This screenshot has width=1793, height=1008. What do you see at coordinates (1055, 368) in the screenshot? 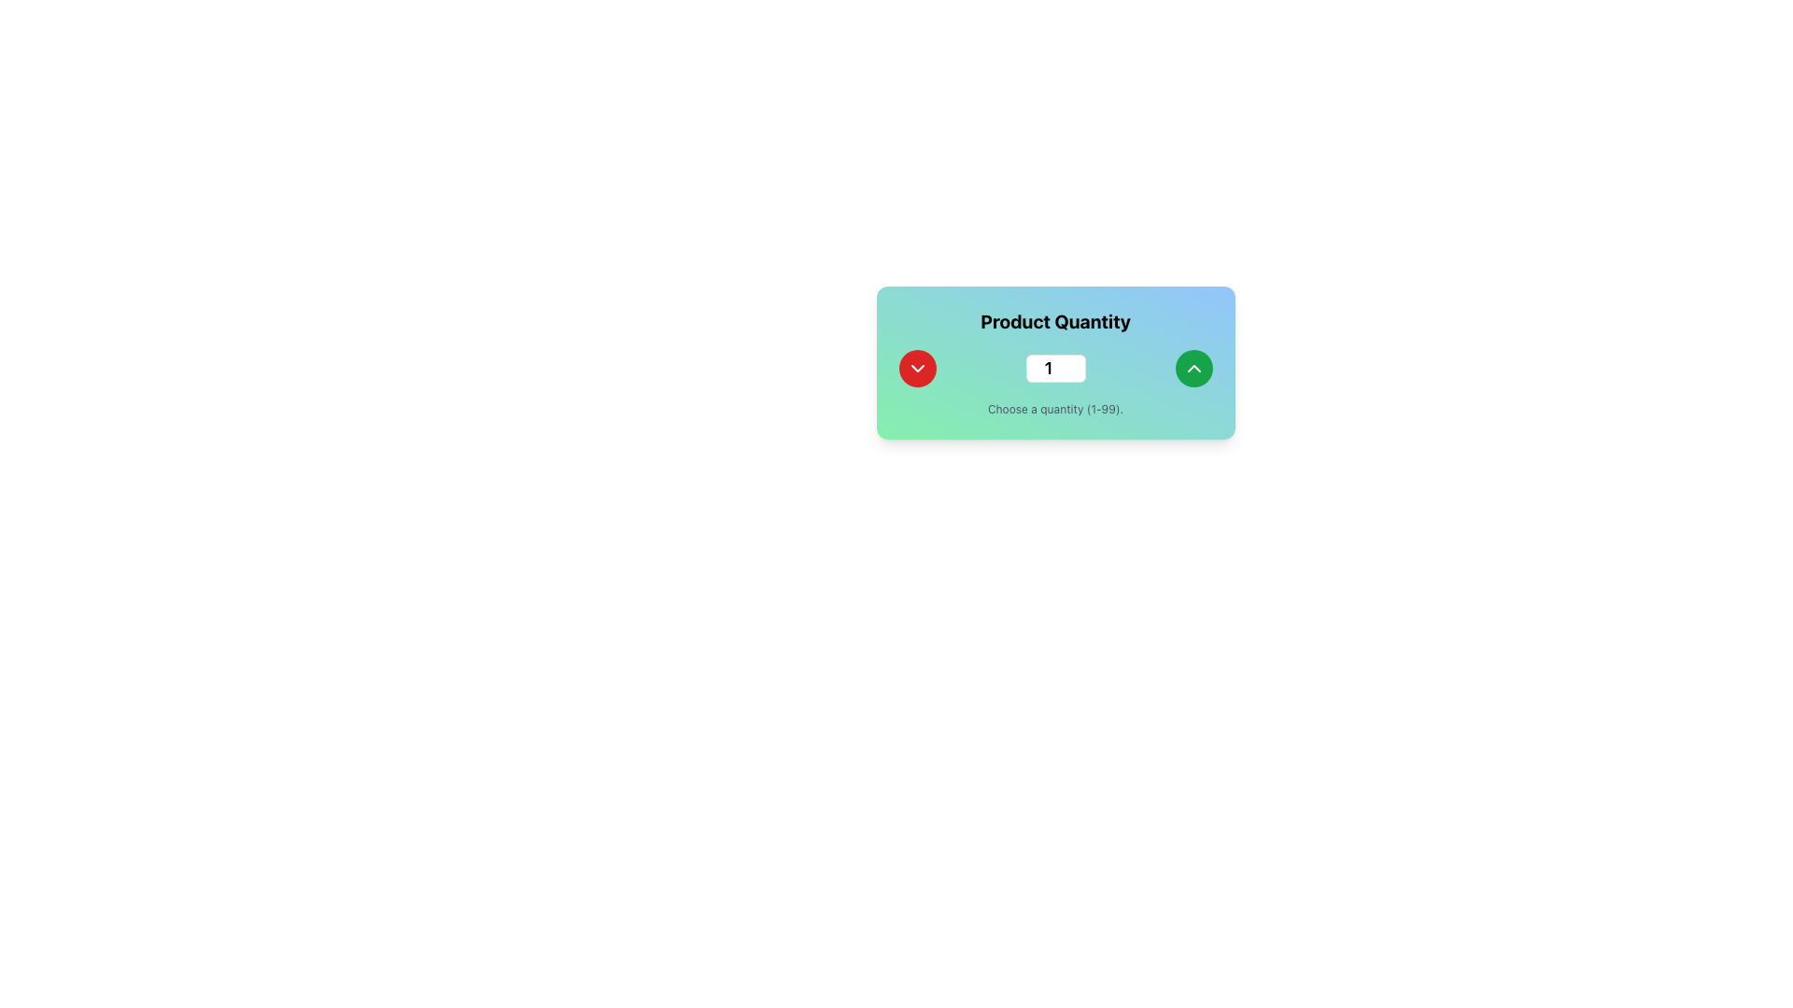
I see `the Number input field, which is a small rectangular input field with rounded corners and a default value of '1', positioned centrally between two circular buttons` at bounding box center [1055, 368].